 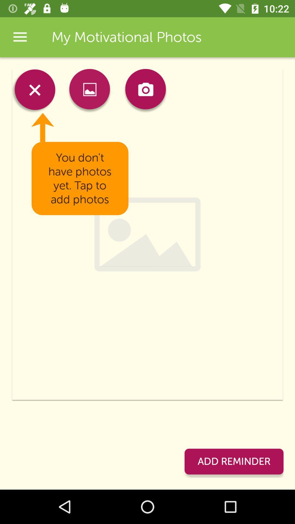 What do you see at coordinates (234, 461) in the screenshot?
I see `add reminder icon` at bounding box center [234, 461].